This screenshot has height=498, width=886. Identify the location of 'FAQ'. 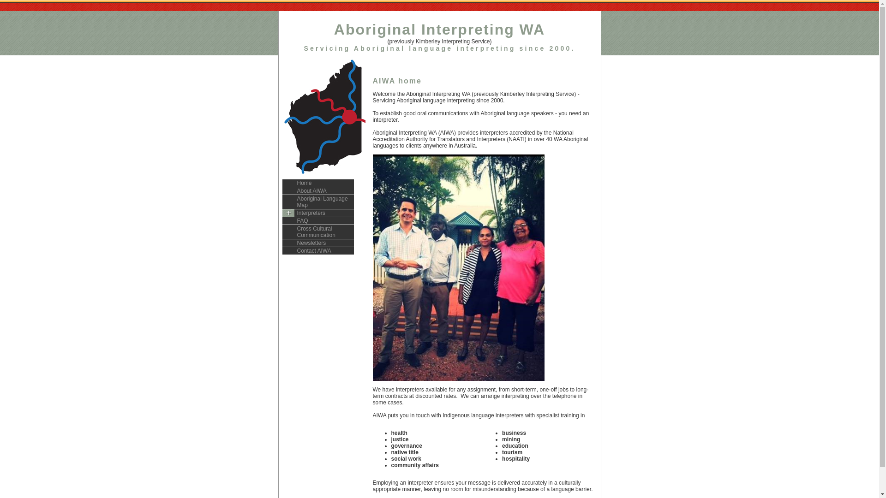
(318, 221).